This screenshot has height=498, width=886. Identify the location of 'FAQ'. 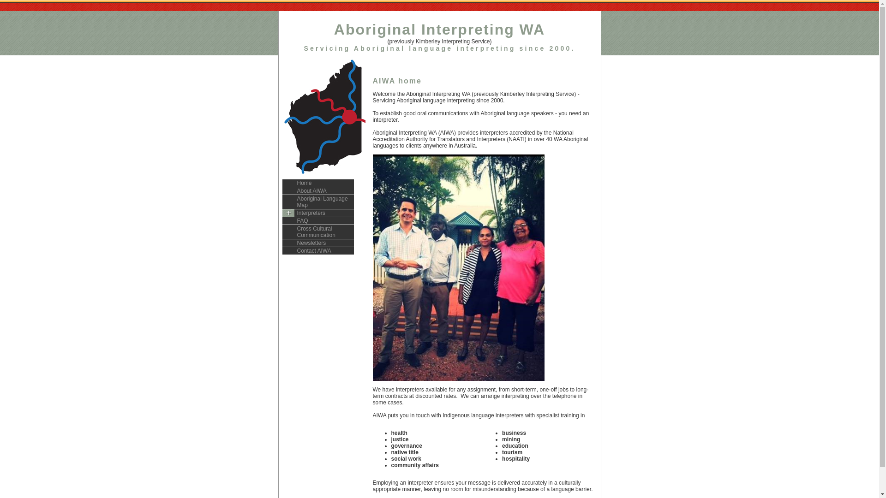
(318, 221).